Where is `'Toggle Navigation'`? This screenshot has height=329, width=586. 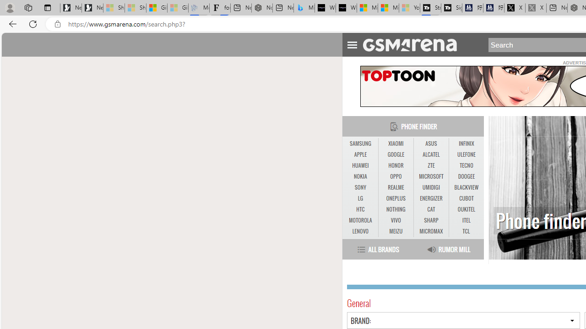 'Toggle Navigation' is located at coordinates (352, 43).